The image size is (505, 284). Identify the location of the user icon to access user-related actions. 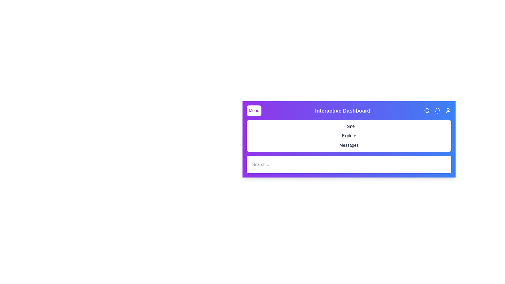
(448, 110).